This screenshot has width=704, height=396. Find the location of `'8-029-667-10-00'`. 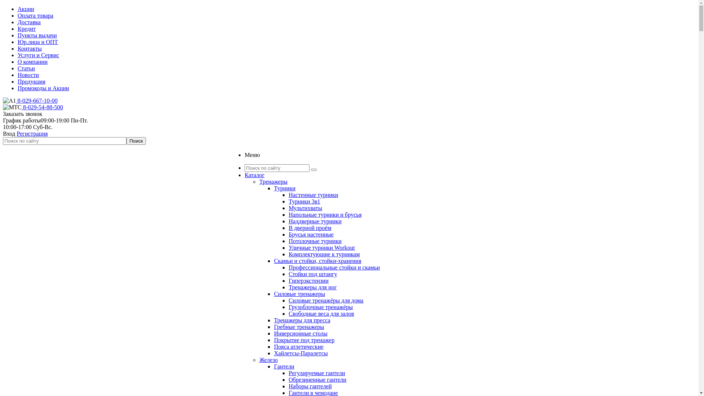

'8-029-667-10-00' is located at coordinates (36, 100).